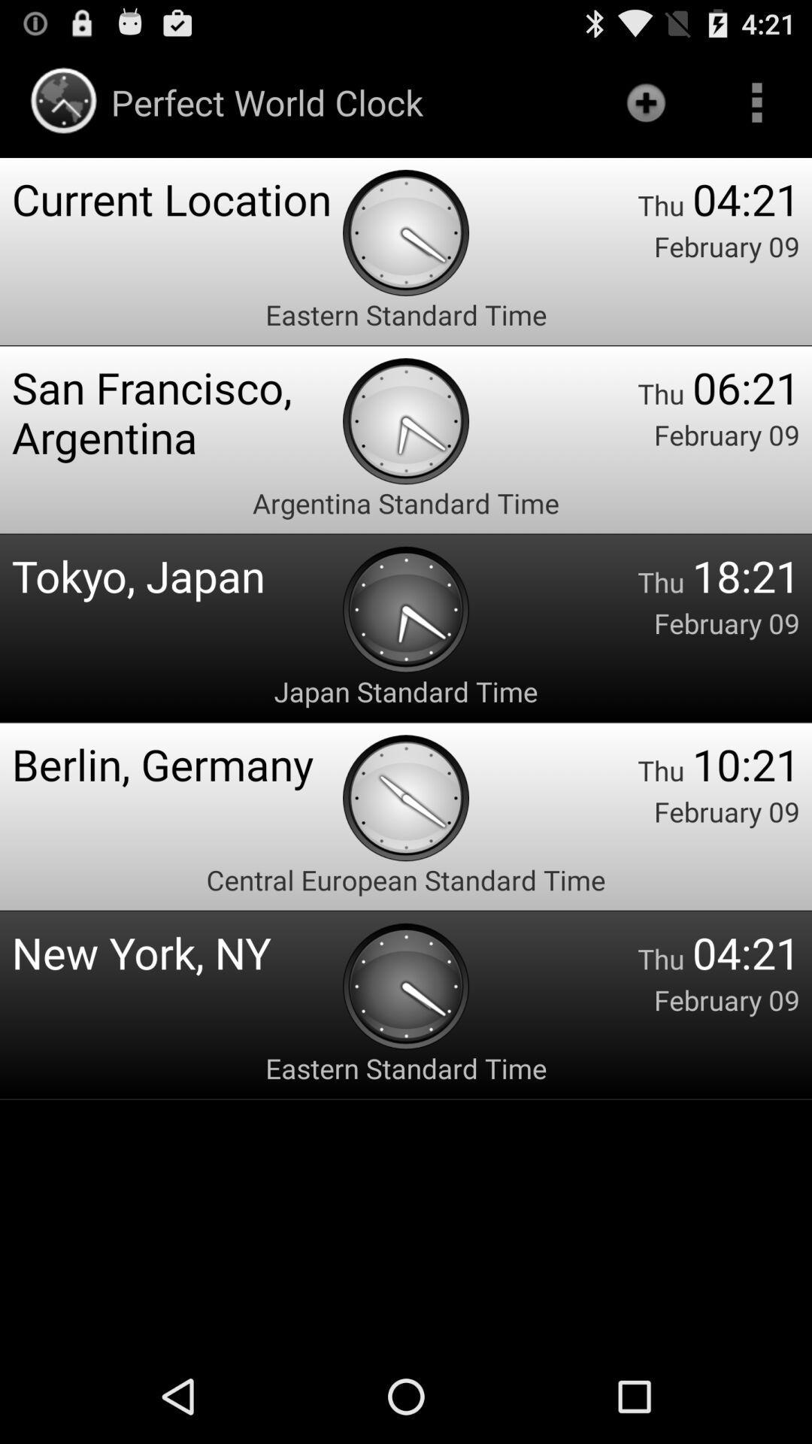 This screenshot has height=1444, width=812. Describe the element at coordinates (176, 412) in the screenshot. I see `the san francisco, argentina app` at that location.